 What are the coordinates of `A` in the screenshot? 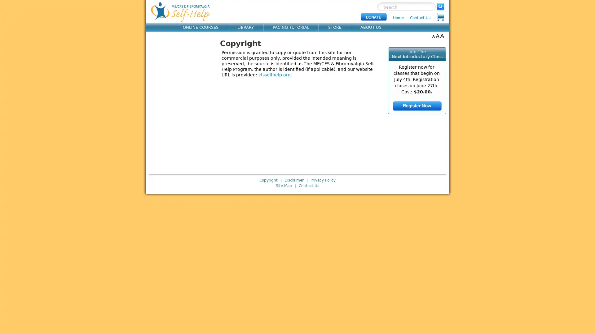 It's located at (442, 36).